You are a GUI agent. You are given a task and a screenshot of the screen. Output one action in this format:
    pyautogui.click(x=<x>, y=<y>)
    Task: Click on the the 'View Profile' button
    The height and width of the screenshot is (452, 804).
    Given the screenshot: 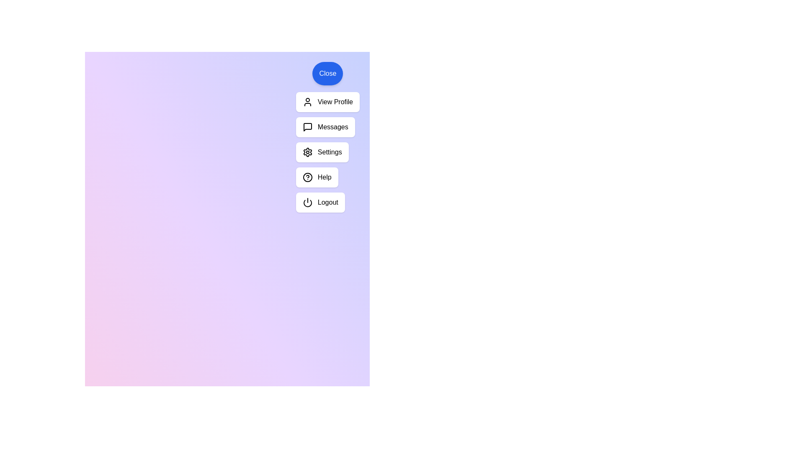 What is the action you would take?
    pyautogui.click(x=327, y=101)
    